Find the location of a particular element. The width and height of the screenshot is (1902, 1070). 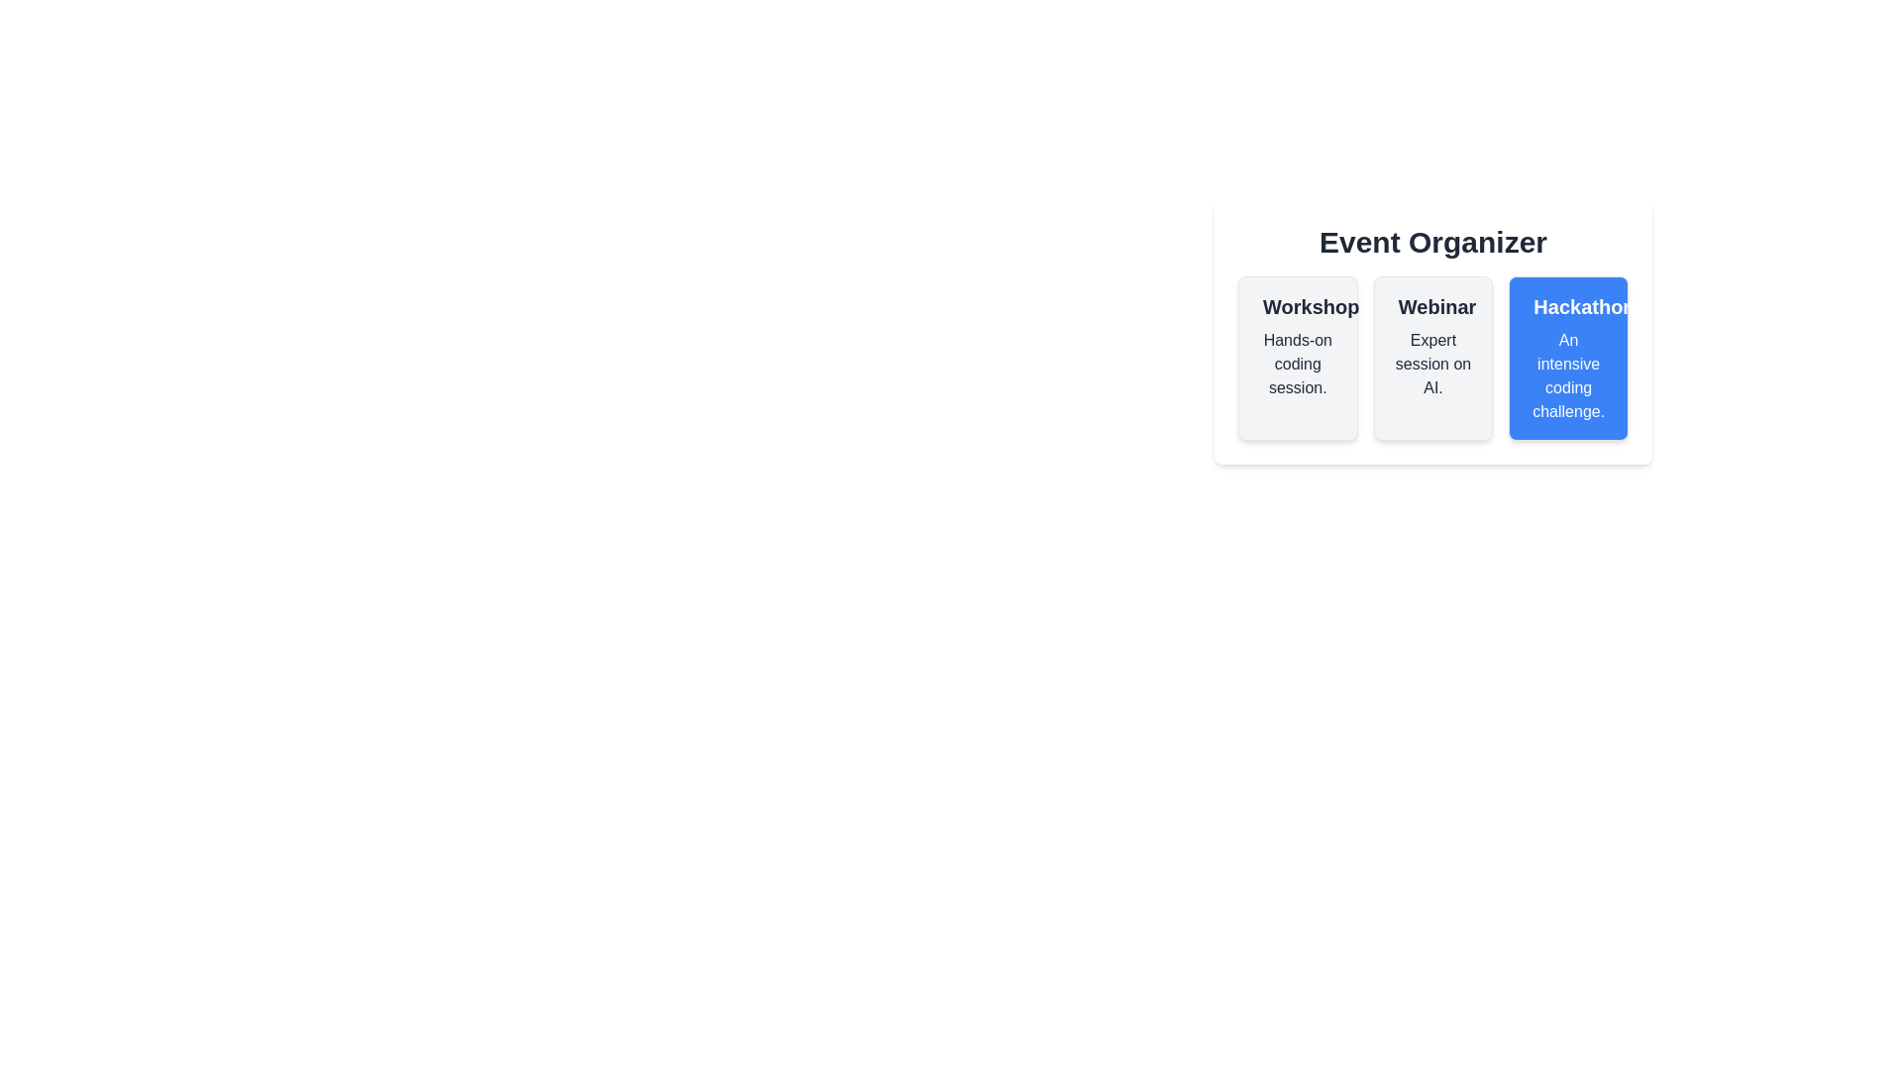

the event card 'Workshop' is located at coordinates (1298, 359).